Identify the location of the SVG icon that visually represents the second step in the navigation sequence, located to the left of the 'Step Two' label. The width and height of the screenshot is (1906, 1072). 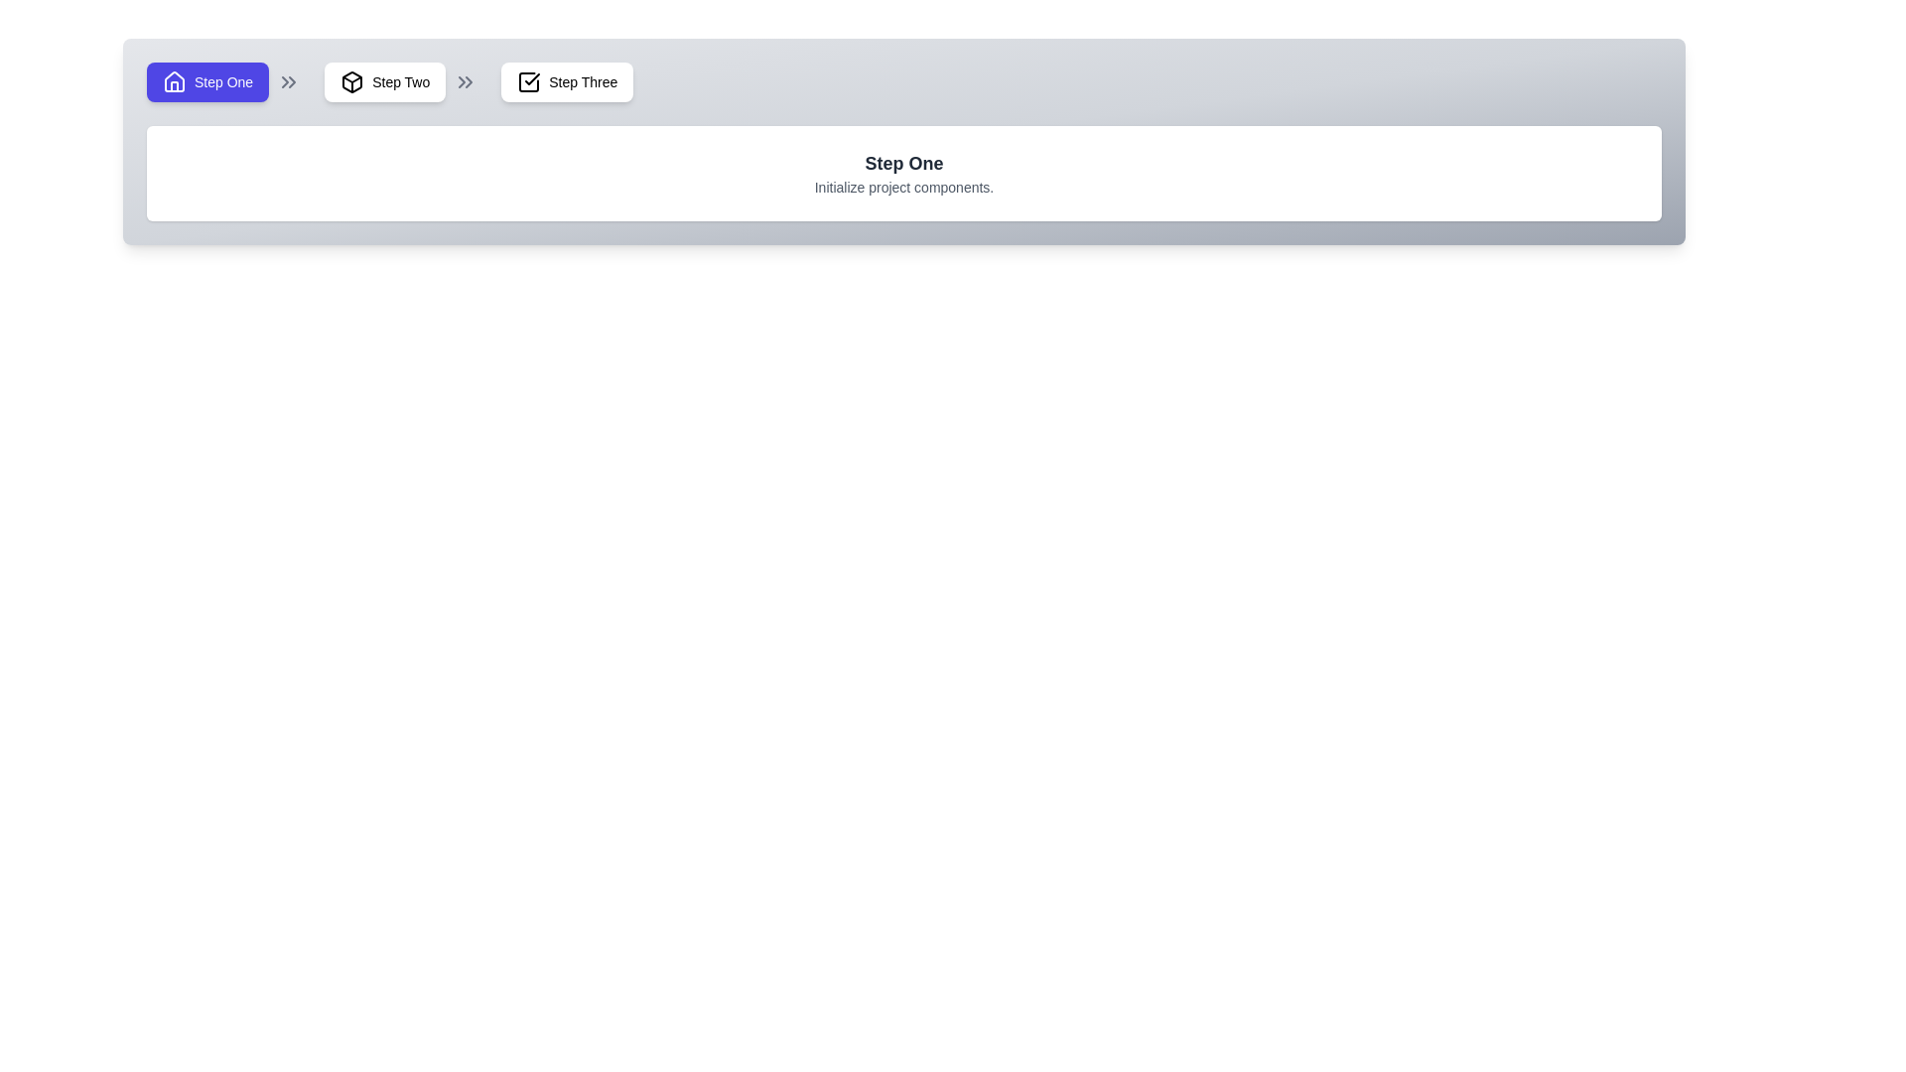
(352, 81).